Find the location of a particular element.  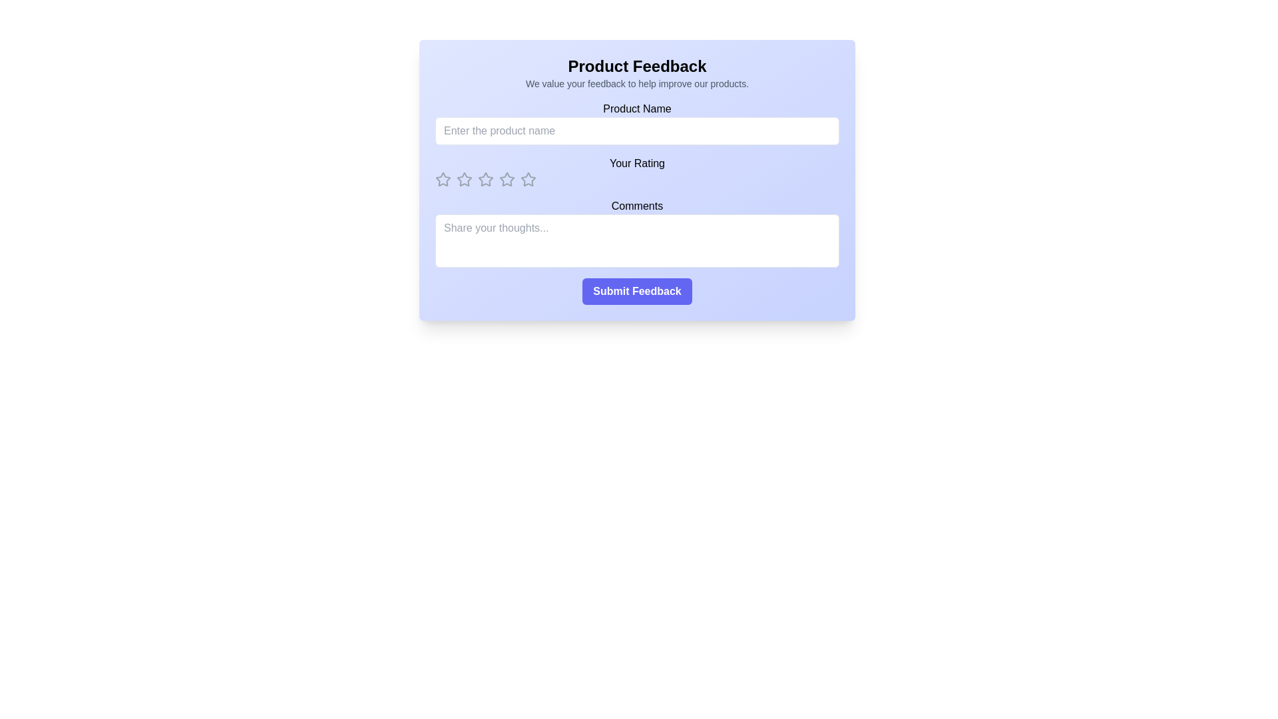

the second star icon in the horizontal array of rating stars for reordering under the 'Your Rating' label is located at coordinates (507, 178).